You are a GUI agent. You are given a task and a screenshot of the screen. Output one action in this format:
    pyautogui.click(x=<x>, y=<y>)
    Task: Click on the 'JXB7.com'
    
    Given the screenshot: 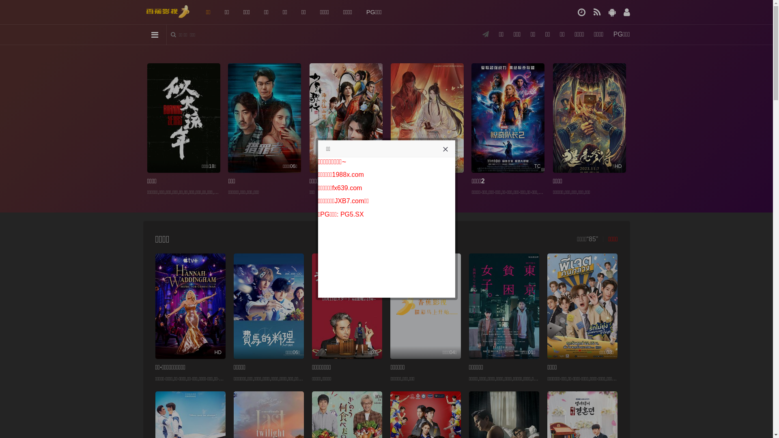 What is the action you would take?
    pyautogui.click(x=349, y=201)
    